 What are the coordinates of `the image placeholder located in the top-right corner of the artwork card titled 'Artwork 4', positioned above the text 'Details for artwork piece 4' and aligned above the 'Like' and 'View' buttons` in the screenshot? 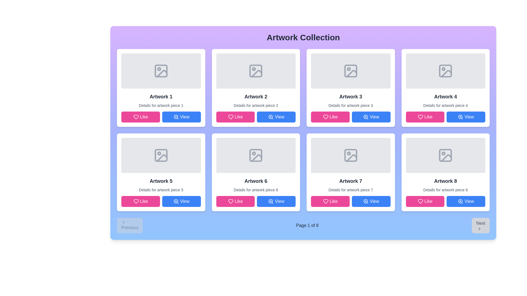 It's located at (445, 70).